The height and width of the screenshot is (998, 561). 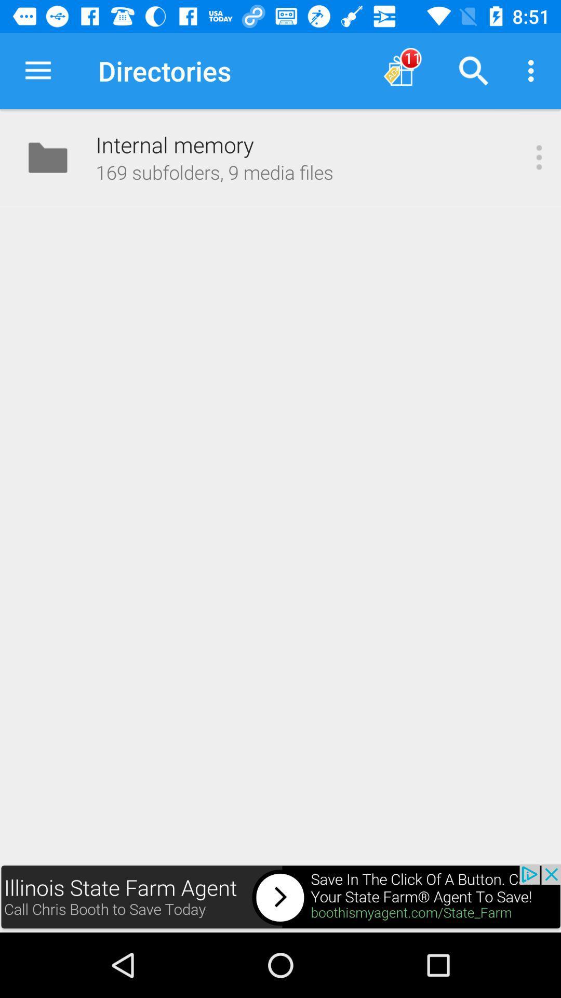 What do you see at coordinates (280, 898) in the screenshot?
I see `first` at bounding box center [280, 898].